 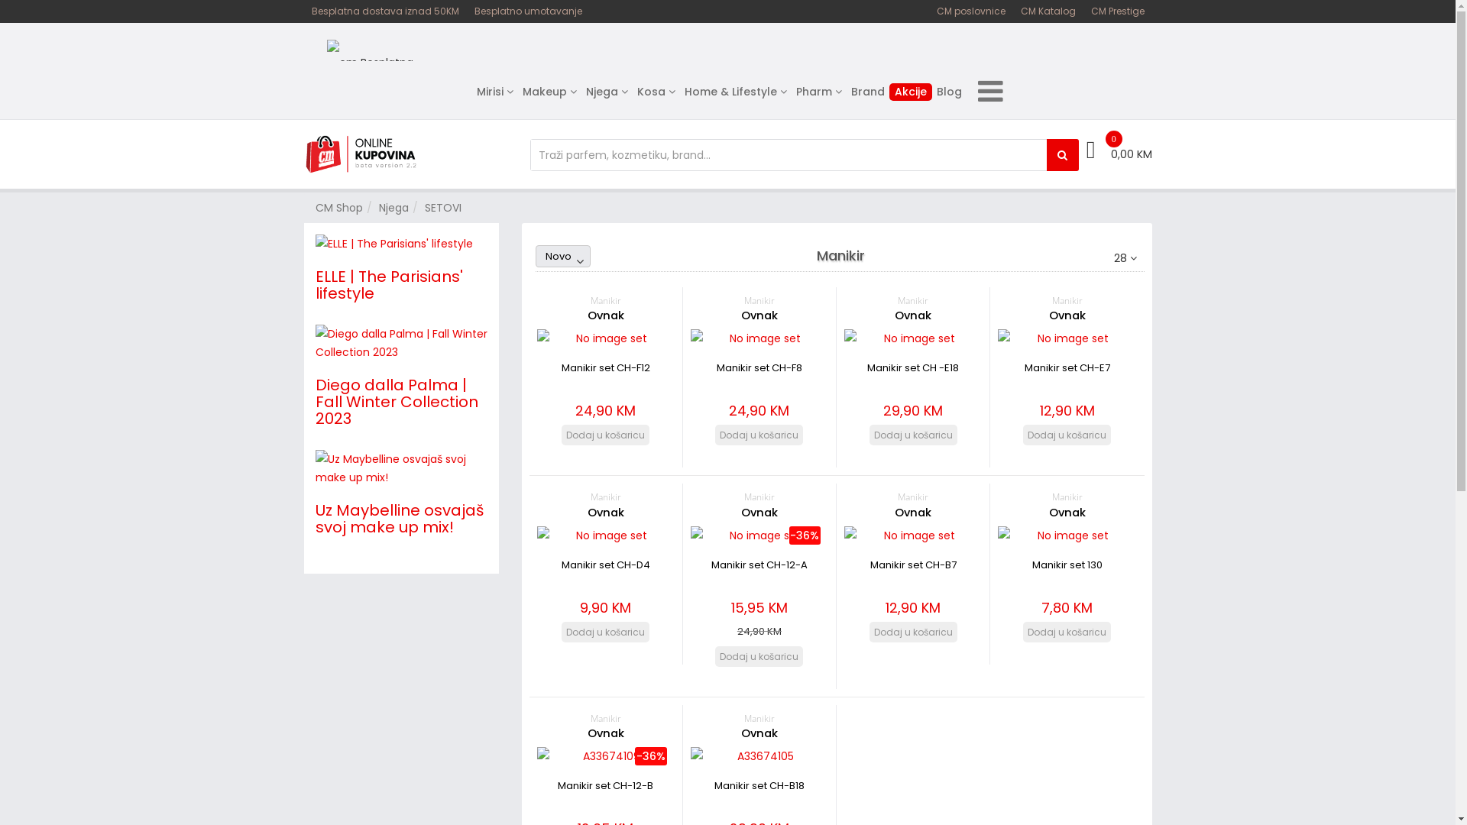 I want to click on 'CM Shop', so click(x=314, y=208).